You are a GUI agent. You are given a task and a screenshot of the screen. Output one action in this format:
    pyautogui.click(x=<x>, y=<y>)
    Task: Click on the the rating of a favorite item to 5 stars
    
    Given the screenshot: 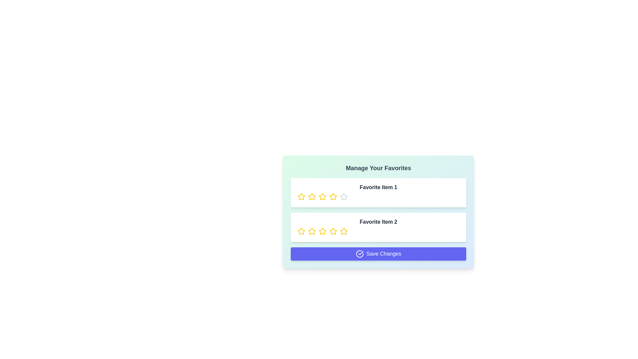 What is the action you would take?
    pyautogui.click(x=344, y=196)
    